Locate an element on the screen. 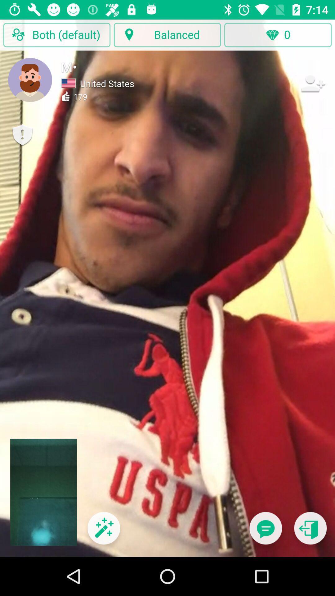  the chat icon is located at coordinates (265, 532).